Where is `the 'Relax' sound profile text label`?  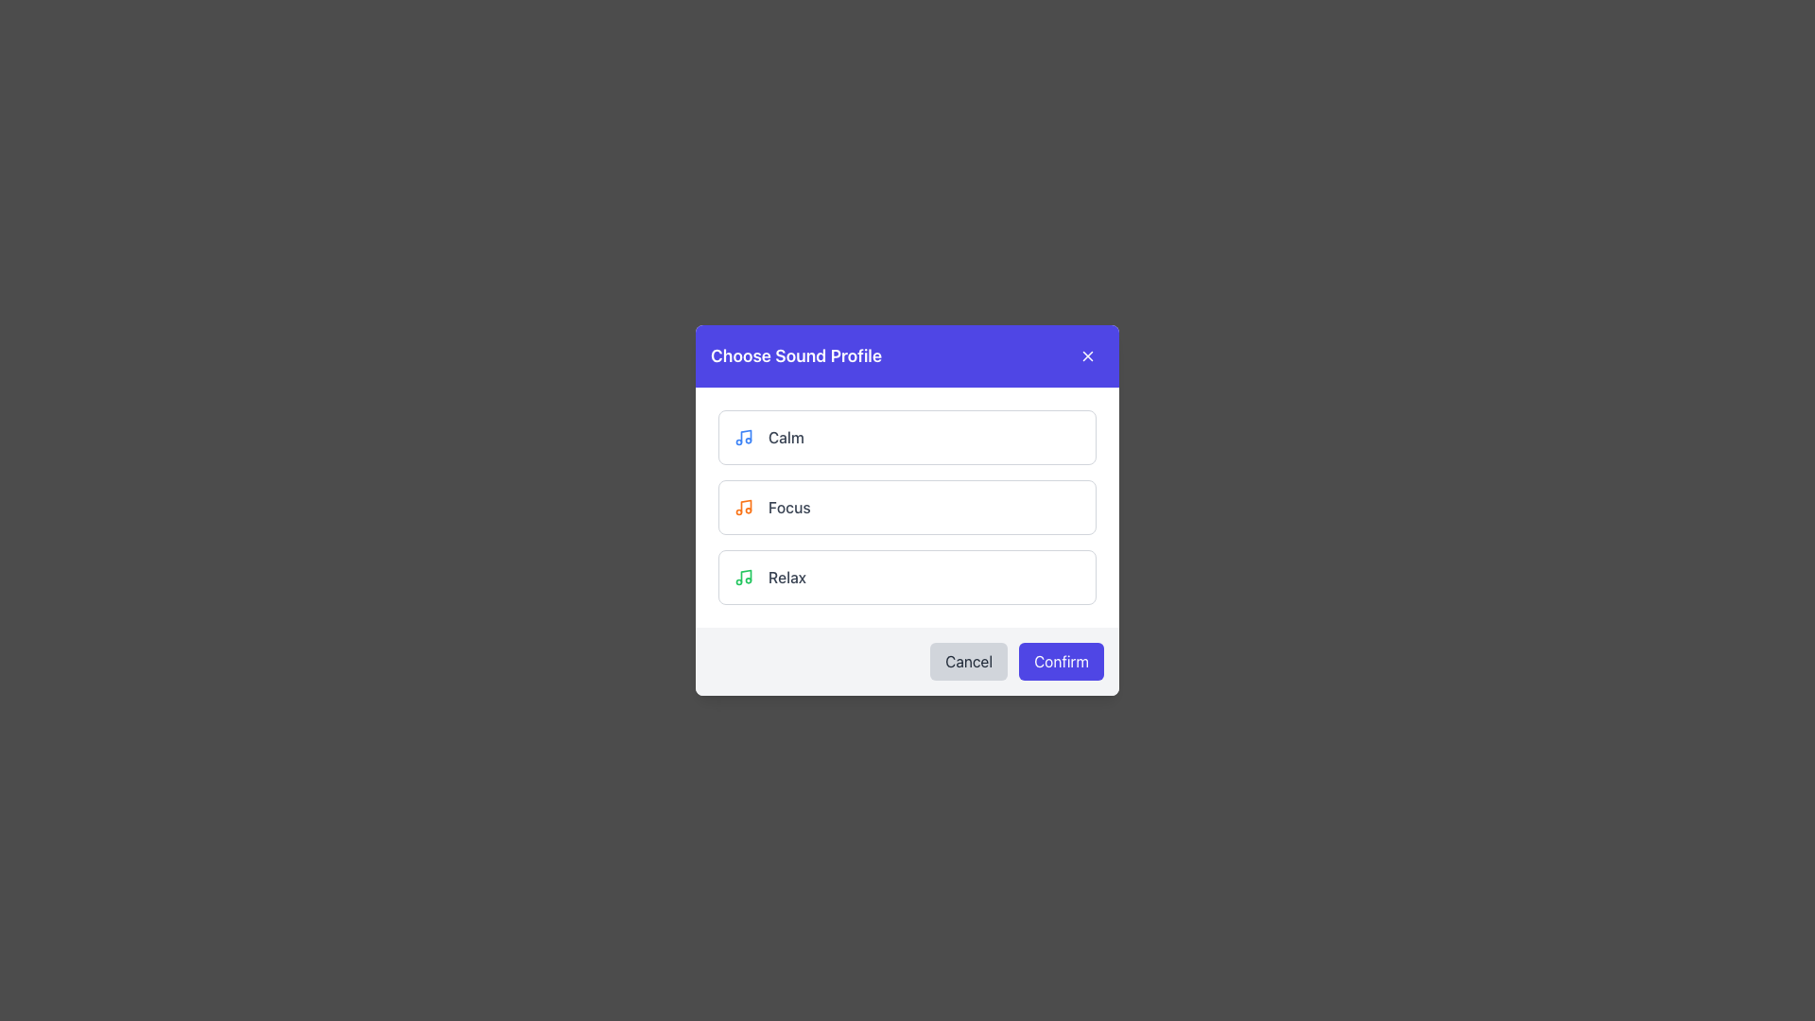
the 'Relax' sound profile text label is located at coordinates (787, 576).